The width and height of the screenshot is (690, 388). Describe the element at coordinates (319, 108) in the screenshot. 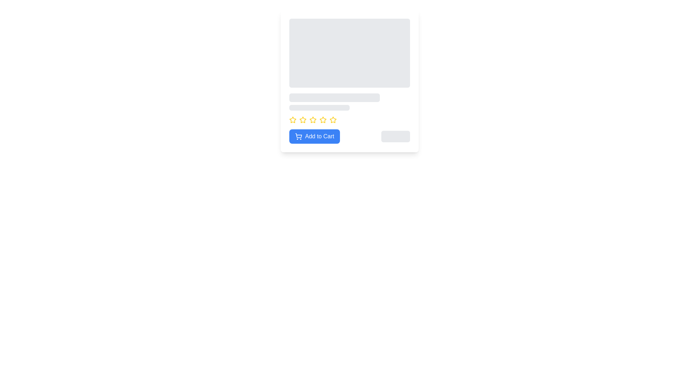

I see `the second placeholder component, which is styled with a light gray background and rounded edges, located directly below a larger placeholder and above a row of yellow star icons` at that location.